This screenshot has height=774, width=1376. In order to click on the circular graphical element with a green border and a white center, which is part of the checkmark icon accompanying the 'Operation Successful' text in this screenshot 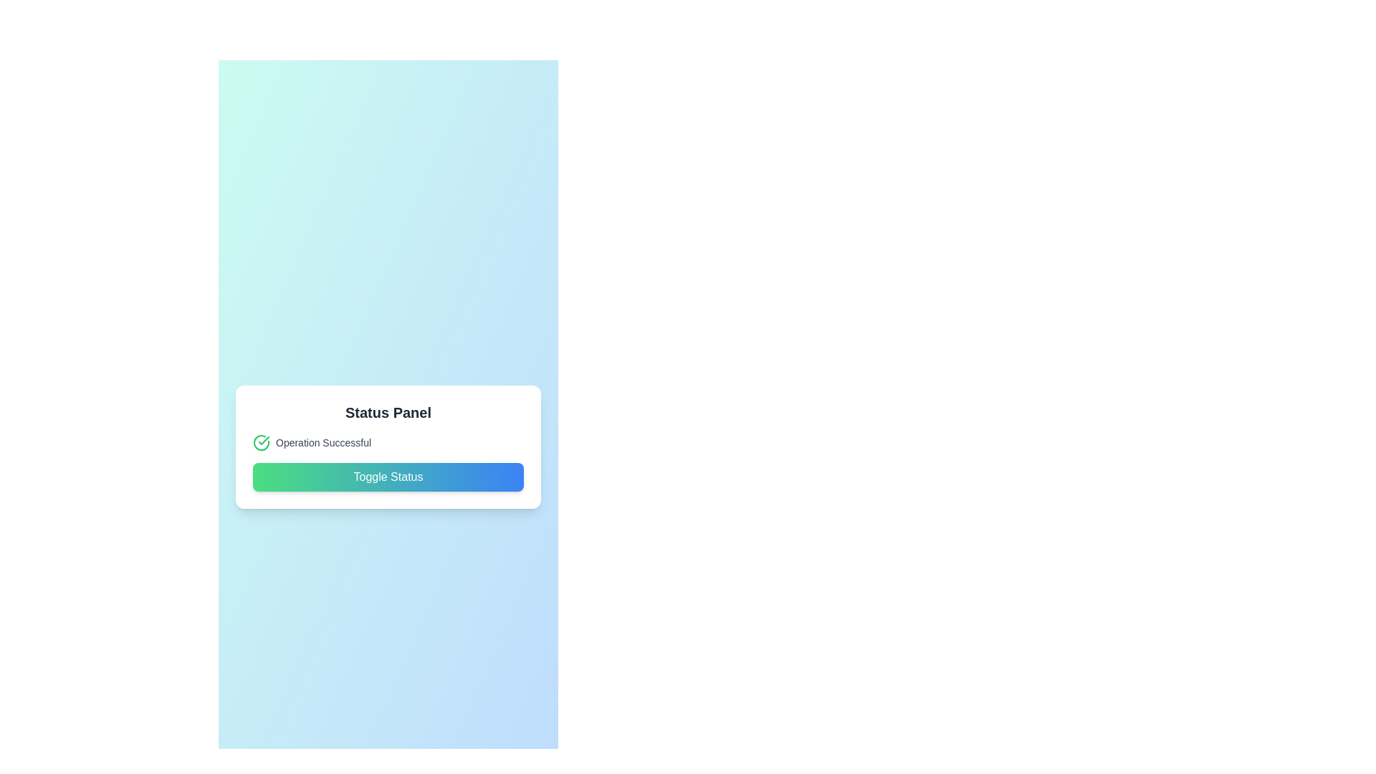, I will do `click(261, 441)`.